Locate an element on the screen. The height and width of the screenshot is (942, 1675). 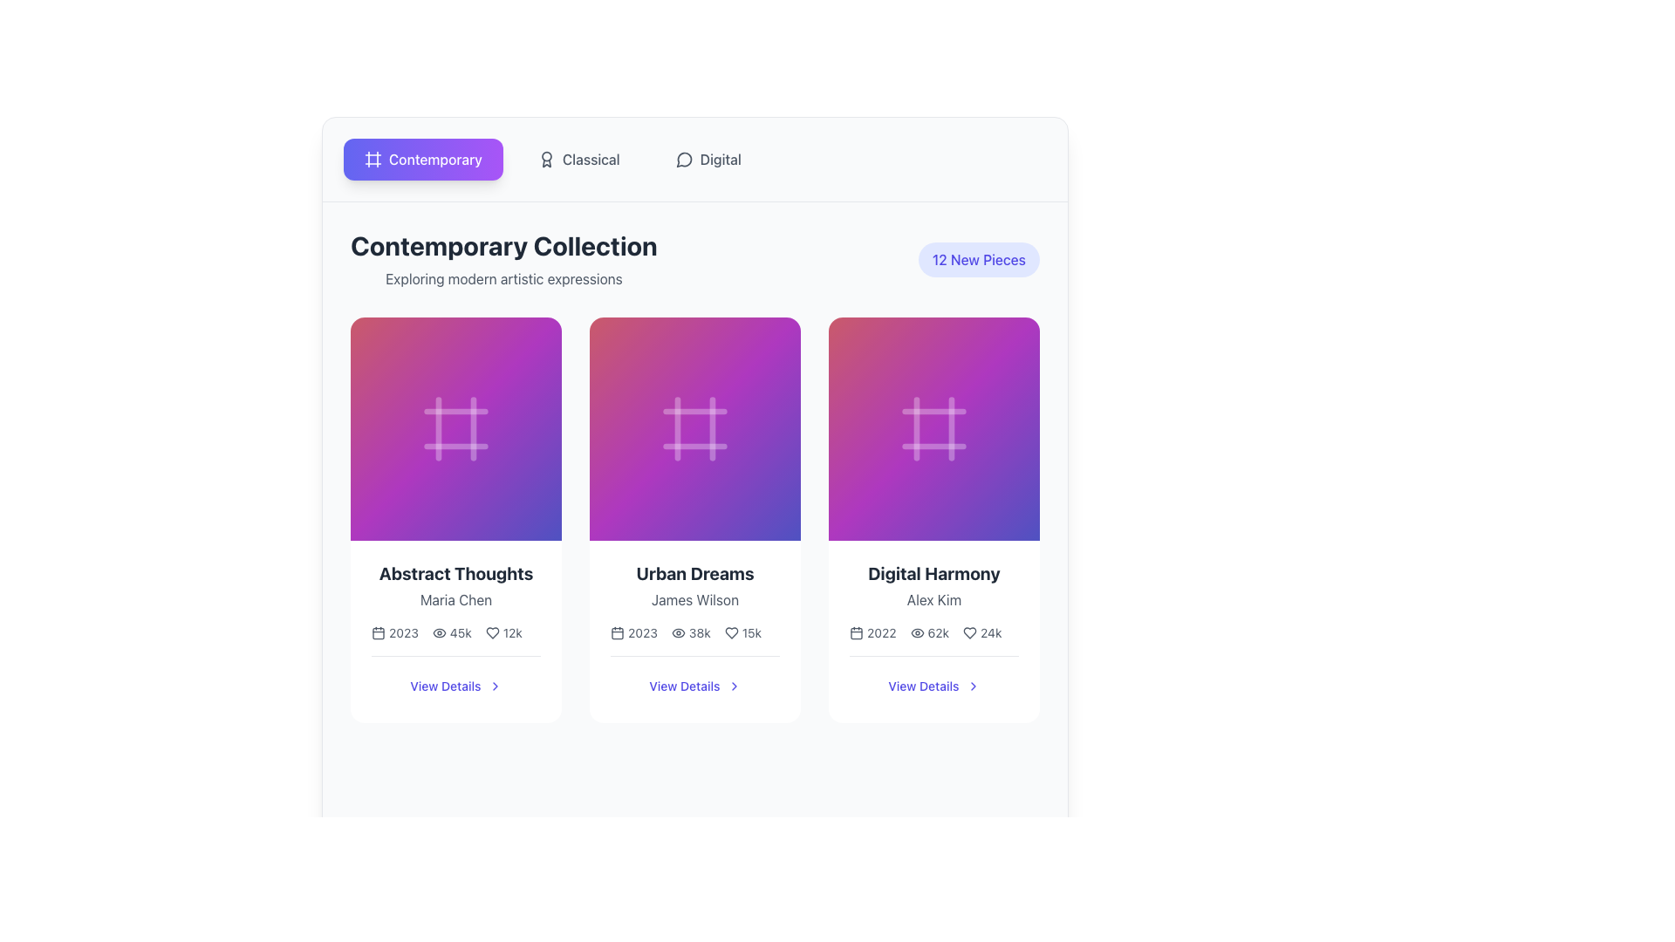
the 'View Details' button, which is styled in bold blue font and includes a right-pointing chevron icon, located at the bottom of the 'Urban Dreams' card is located at coordinates (694, 678).